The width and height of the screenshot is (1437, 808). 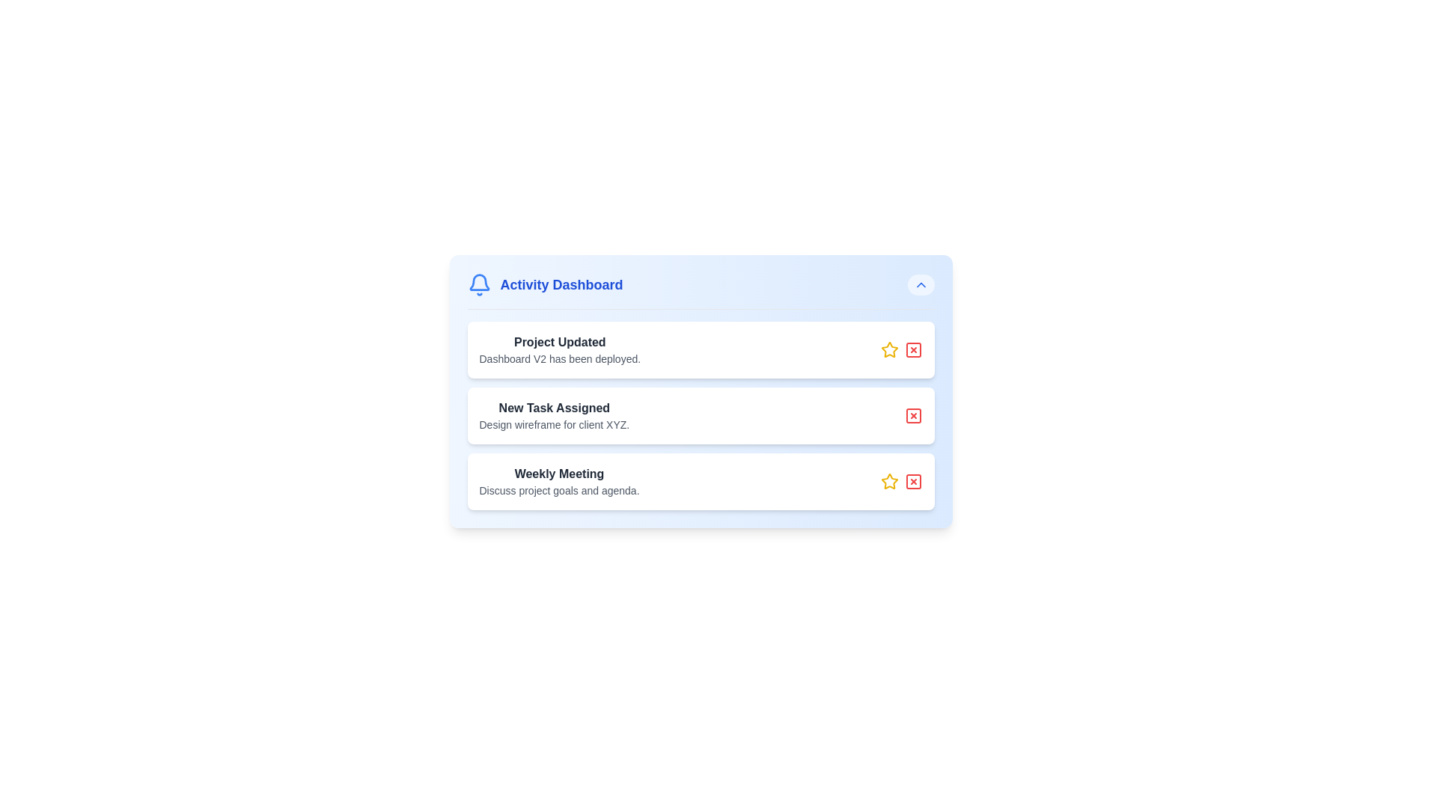 What do you see at coordinates (920, 285) in the screenshot?
I see `the small blue rounded button with a chevron arrow pointing upward located at the top-right corner of the Activity Dashboard` at bounding box center [920, 285].